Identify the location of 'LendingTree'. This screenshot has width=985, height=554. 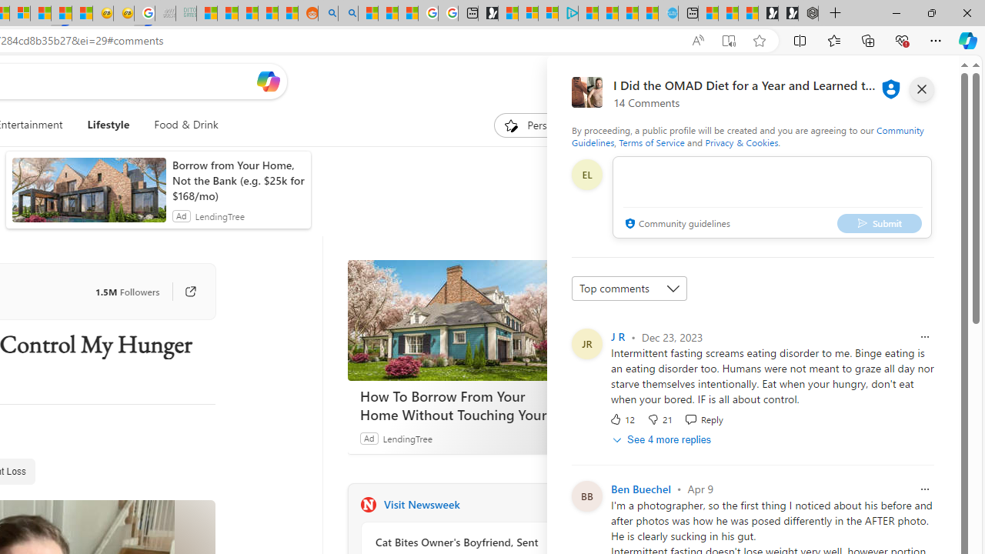
(407, 438).